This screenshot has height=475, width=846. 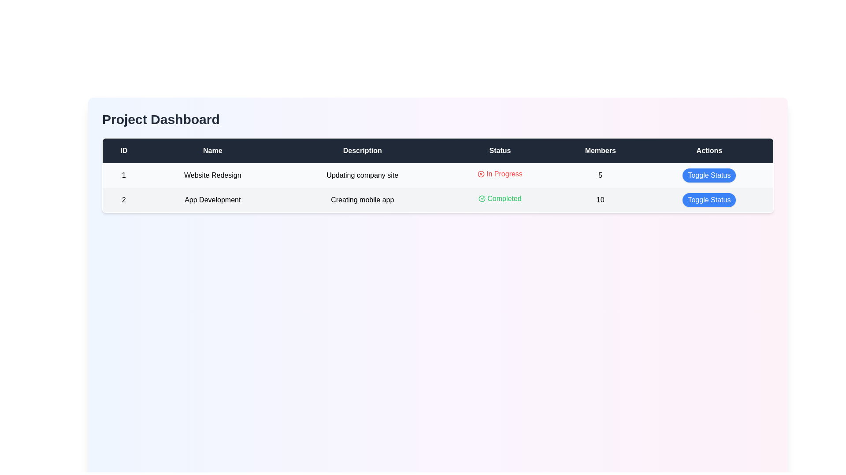 I want to click on the Header text that reads 'Project Dashboard', styled in bold, large 3xl font, and colored dark gray, located near the top left of the interface, so click(x=161, y=120).